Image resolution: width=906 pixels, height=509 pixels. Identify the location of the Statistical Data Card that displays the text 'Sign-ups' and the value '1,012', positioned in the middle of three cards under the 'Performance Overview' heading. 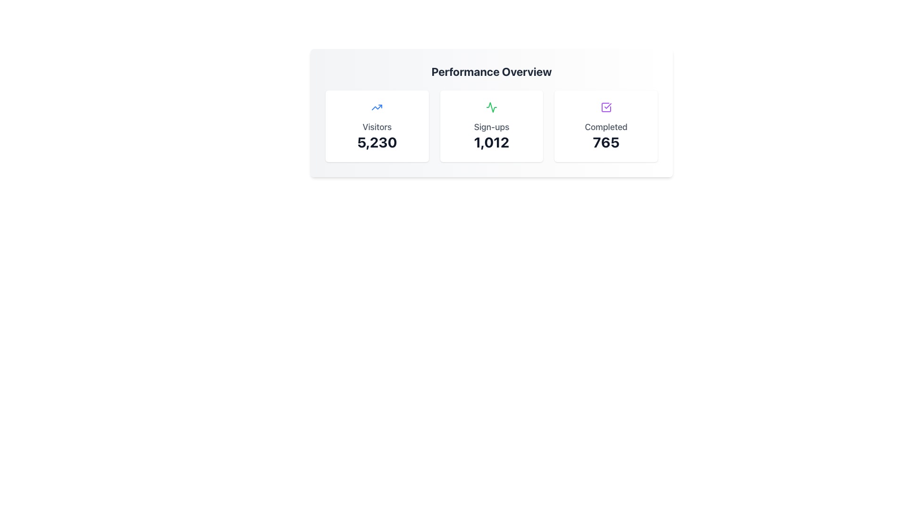
(491, 125).